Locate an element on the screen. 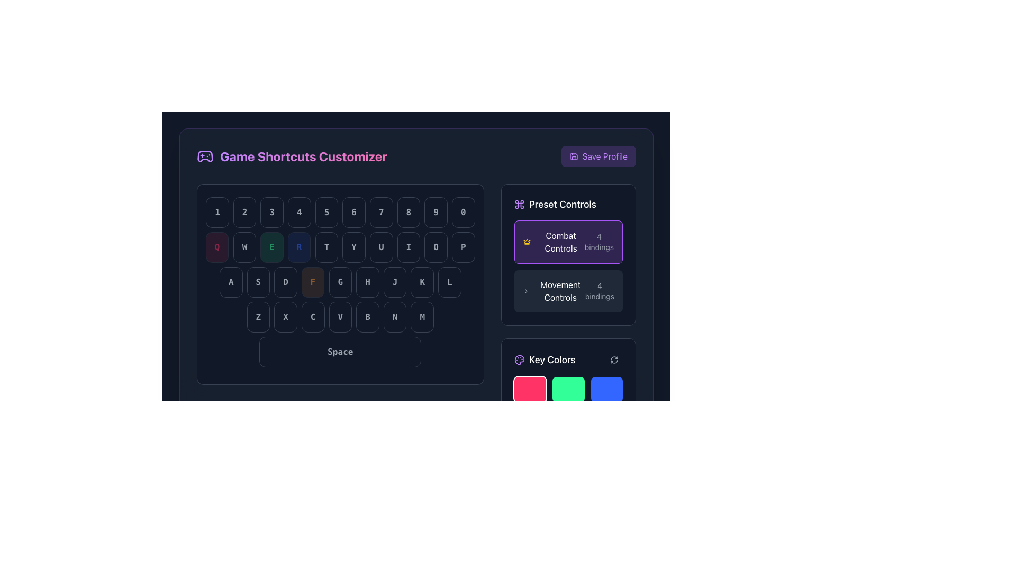 Image resolution: width=1016 pixels, height=571 pixels. the 'Save Profile' button with a purple background and light purple text located in the top-right corner of the 'Game Shortcuts Customizer' section is located at coordinates (598, 156).